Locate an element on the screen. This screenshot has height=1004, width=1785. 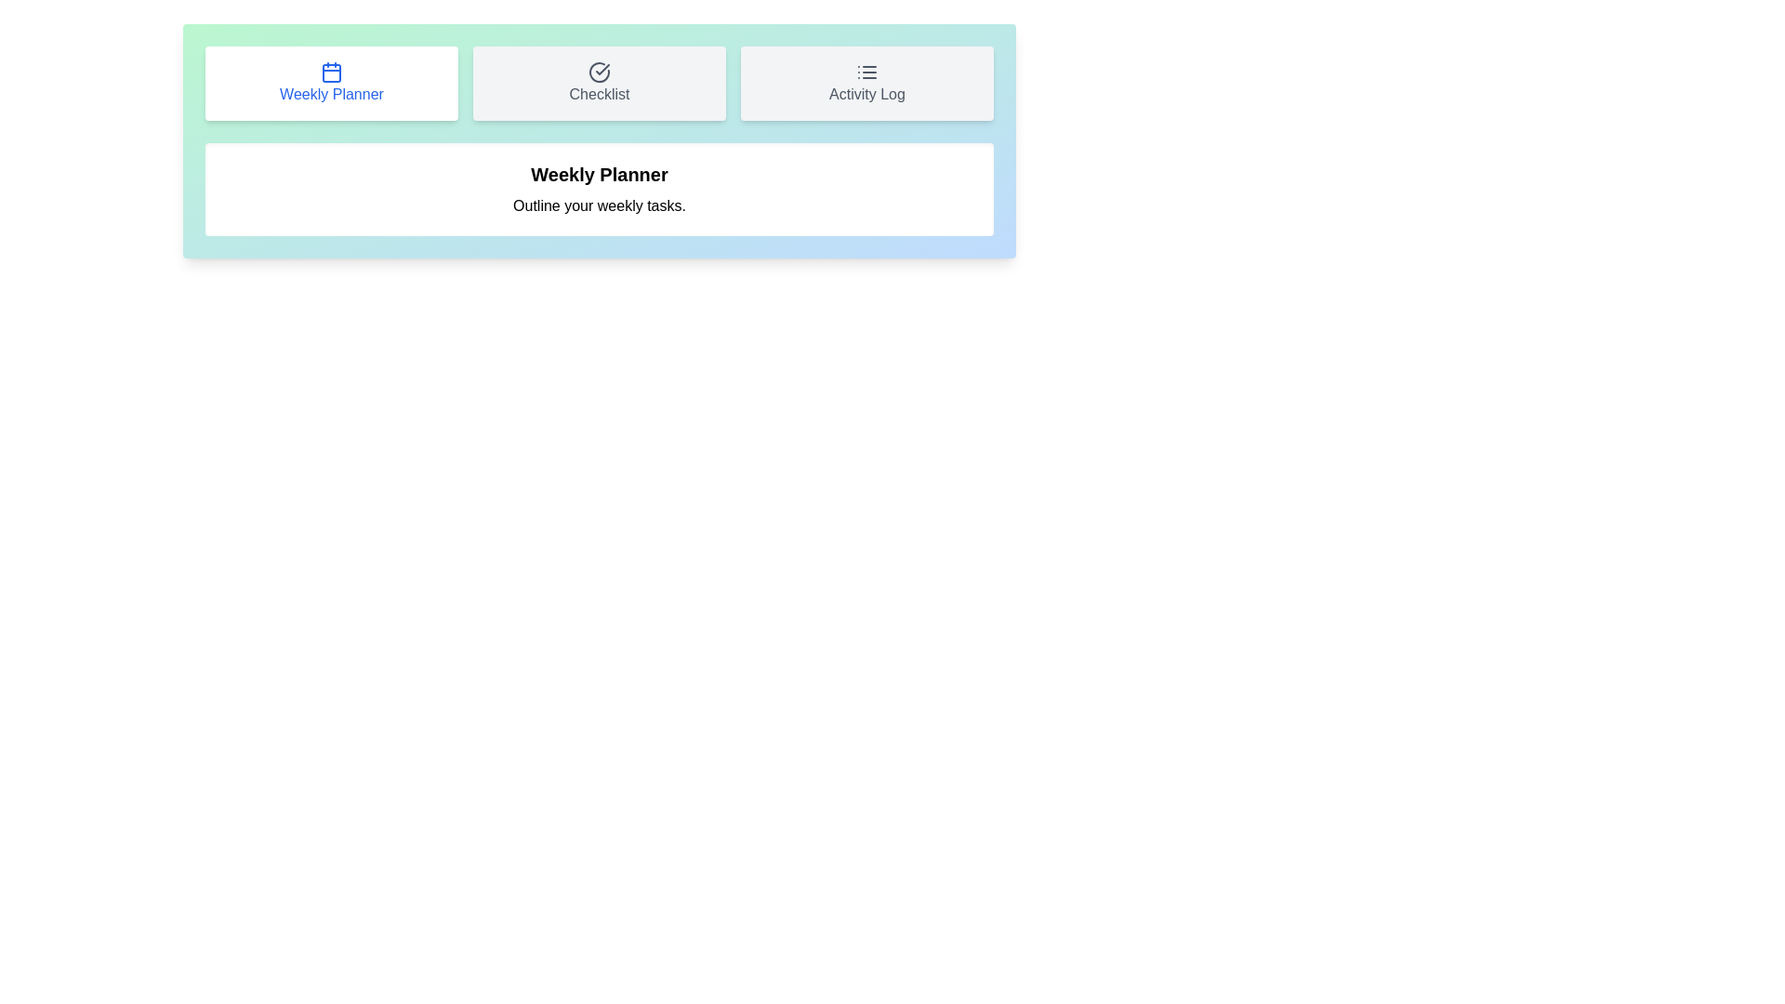
the tab button labeled Checklist is located at coordinates (599, 82).